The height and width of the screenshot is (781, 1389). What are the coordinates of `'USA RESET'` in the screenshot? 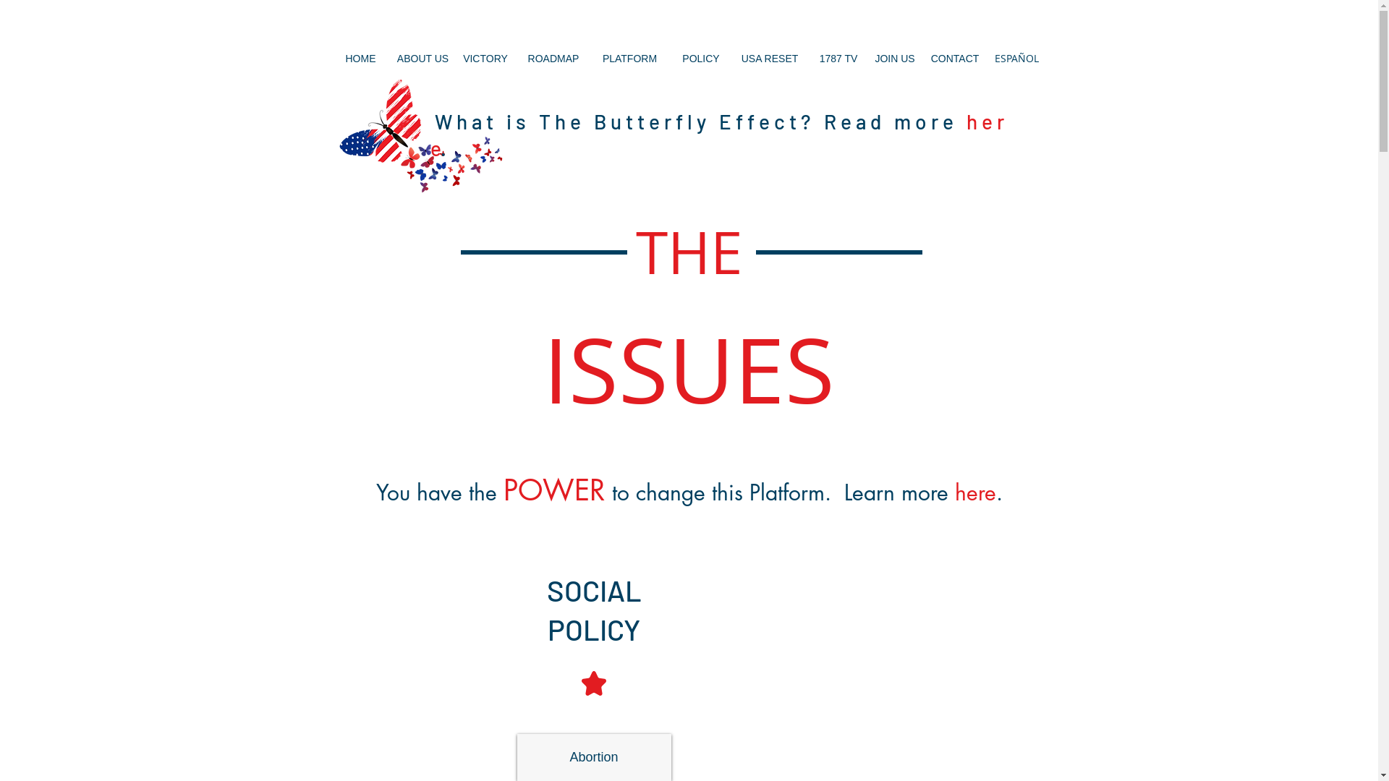 It's located at (769, 57).